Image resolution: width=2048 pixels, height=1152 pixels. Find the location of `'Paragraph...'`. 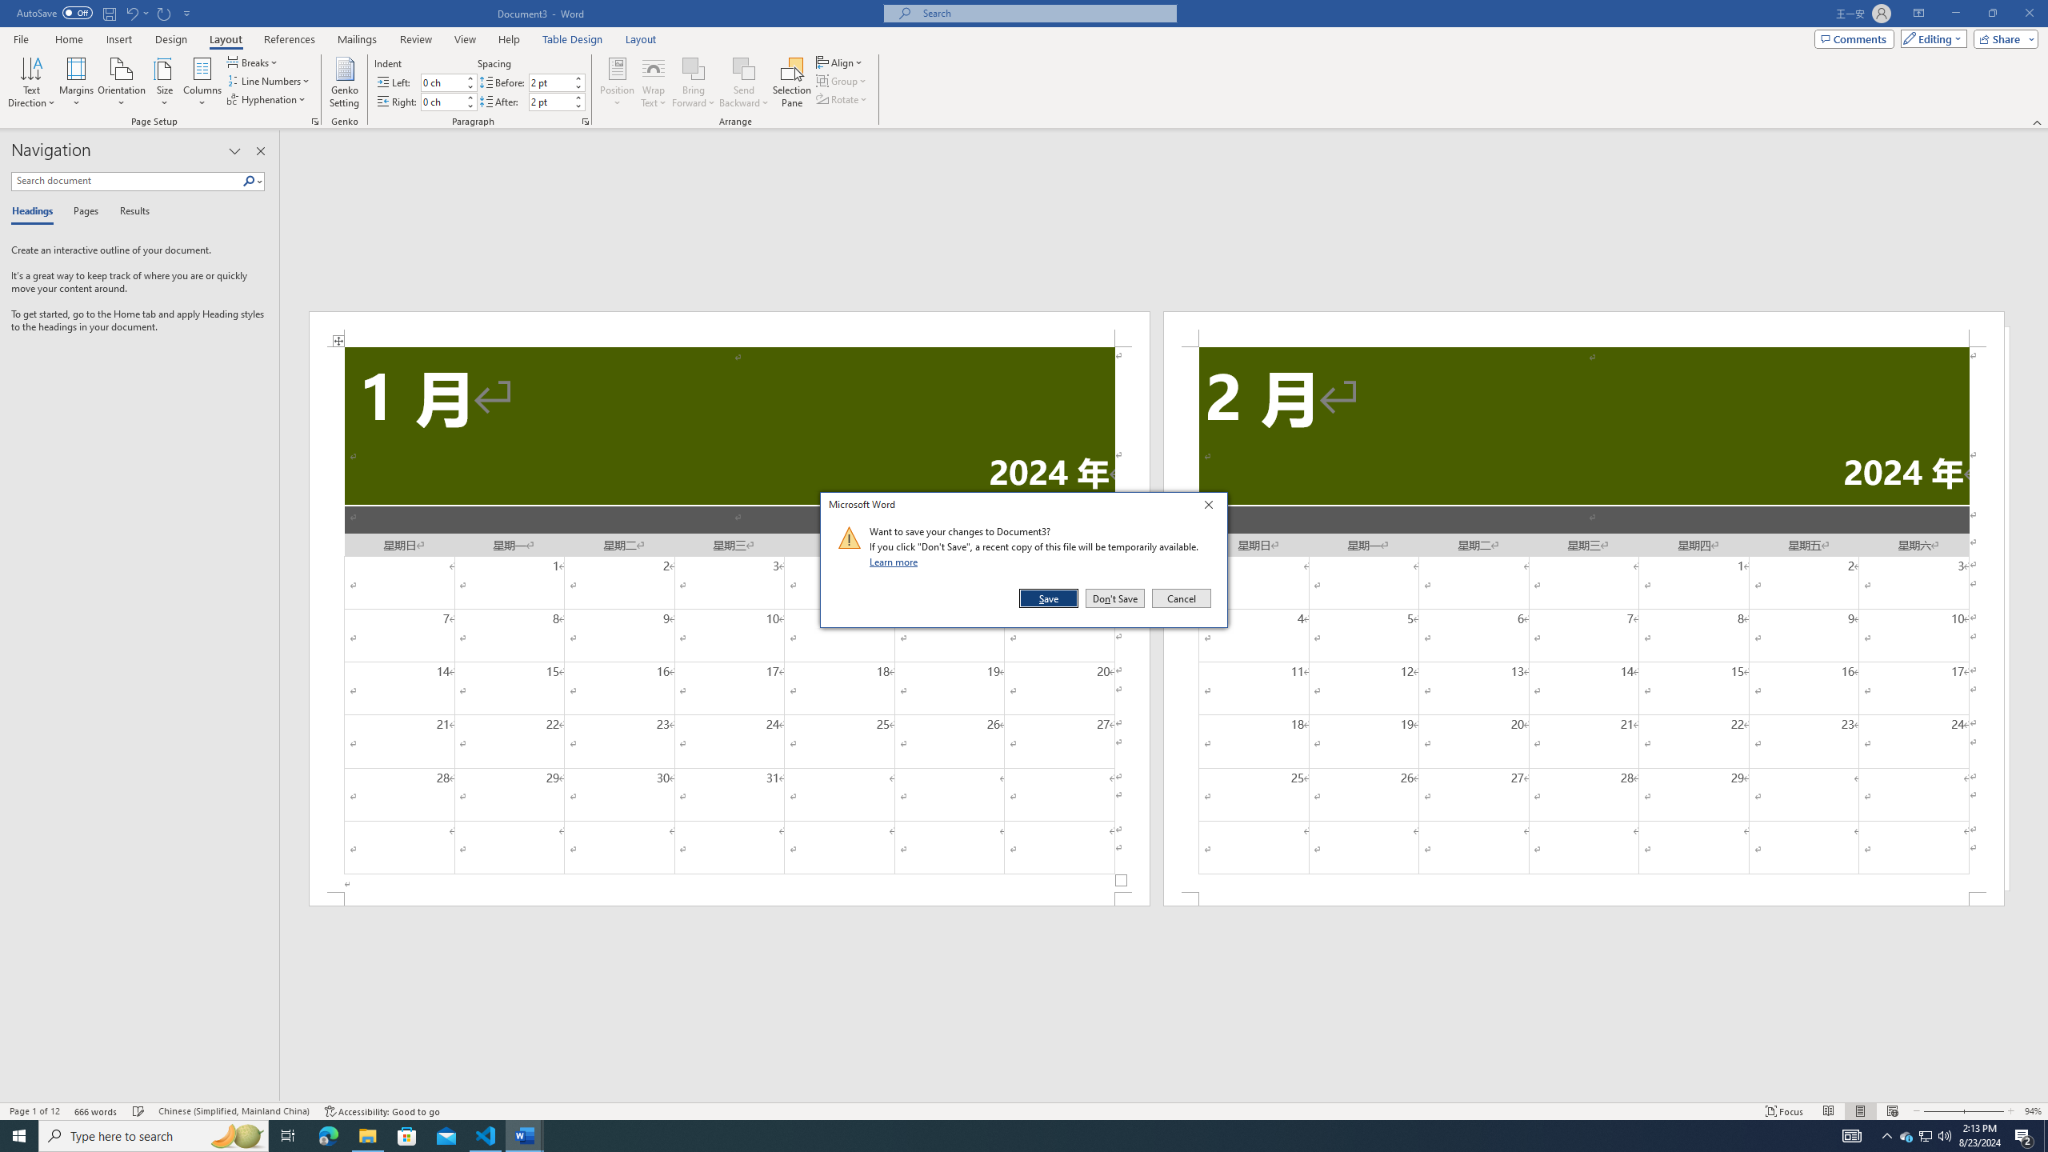

'Paragraph...' is located at coordinates (585, 120).